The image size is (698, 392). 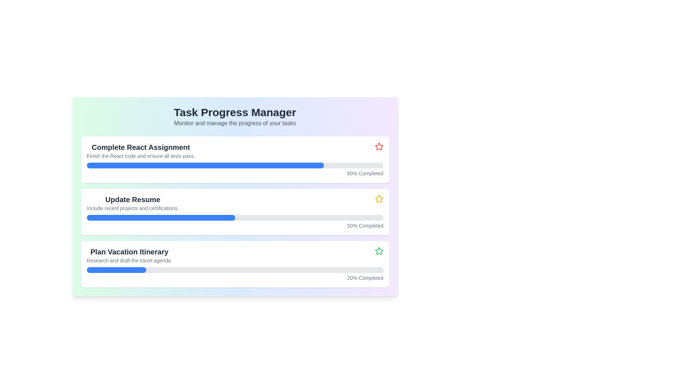 I want to click on task progress, so click(x=374, y=270).